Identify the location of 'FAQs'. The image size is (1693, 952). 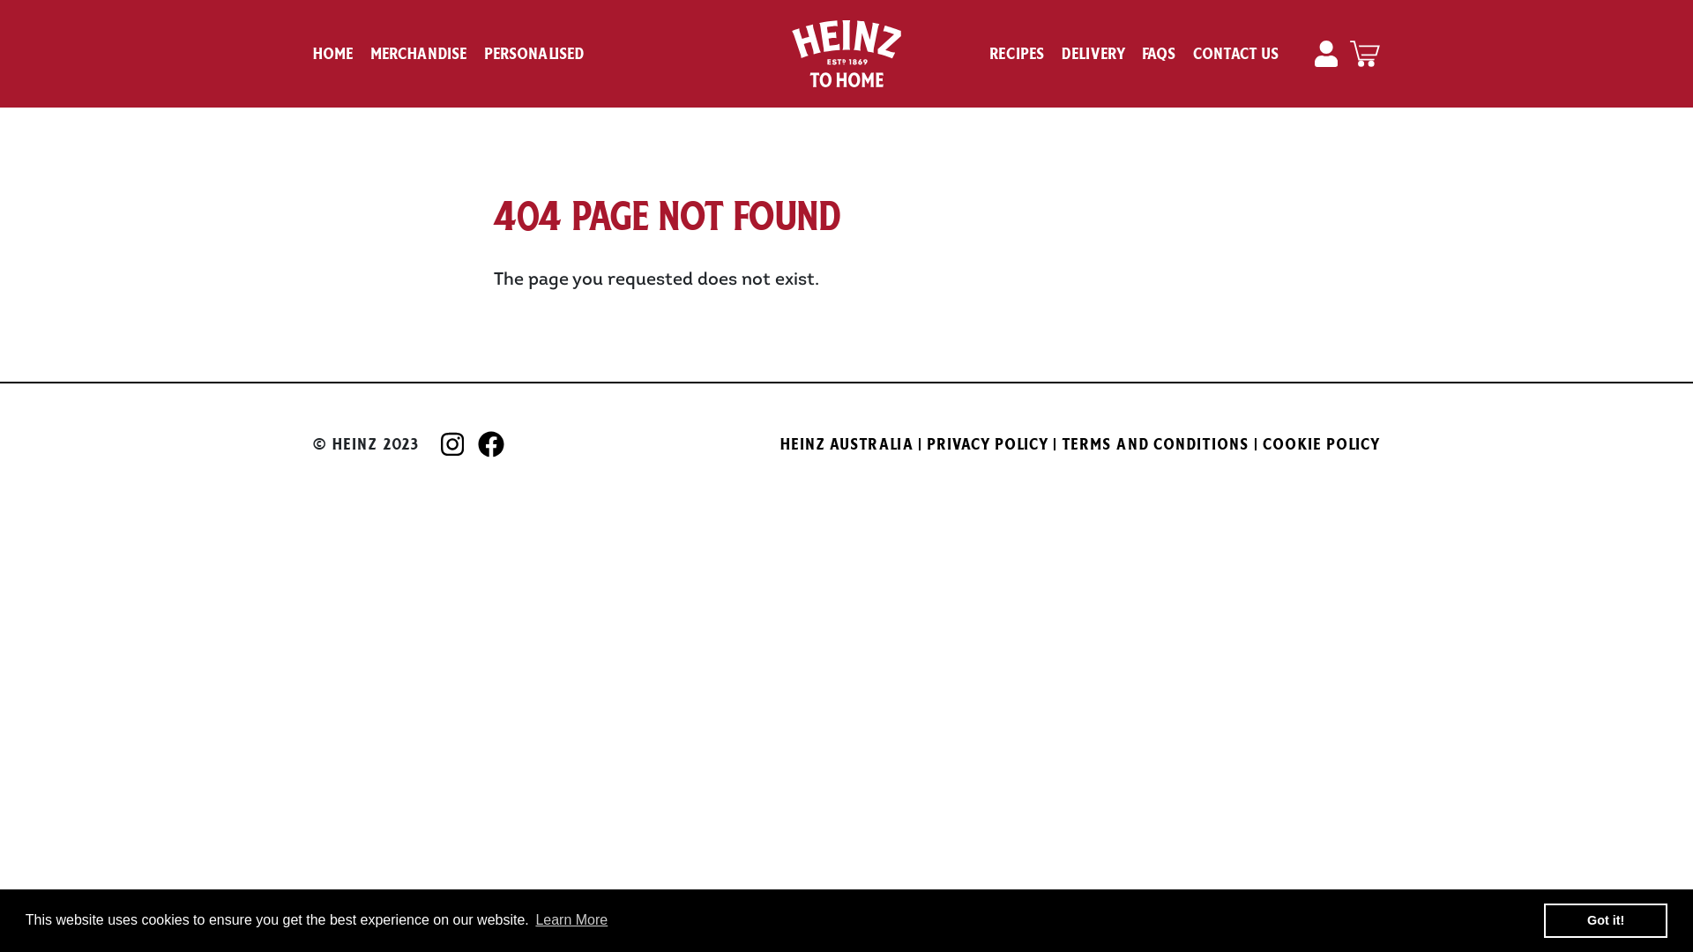
(1143, 53).